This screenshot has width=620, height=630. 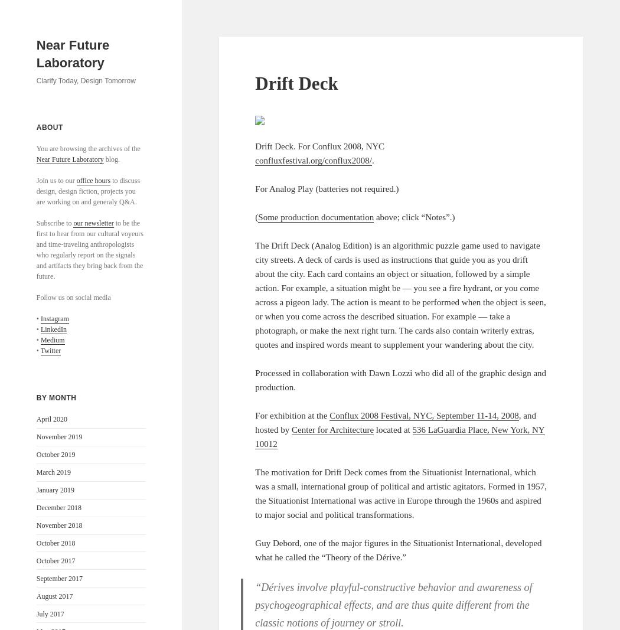 What do you see at coordinates (315, 216) in the screenshot?
I see `'Some production documentation'` at bounding box center [315, 216].